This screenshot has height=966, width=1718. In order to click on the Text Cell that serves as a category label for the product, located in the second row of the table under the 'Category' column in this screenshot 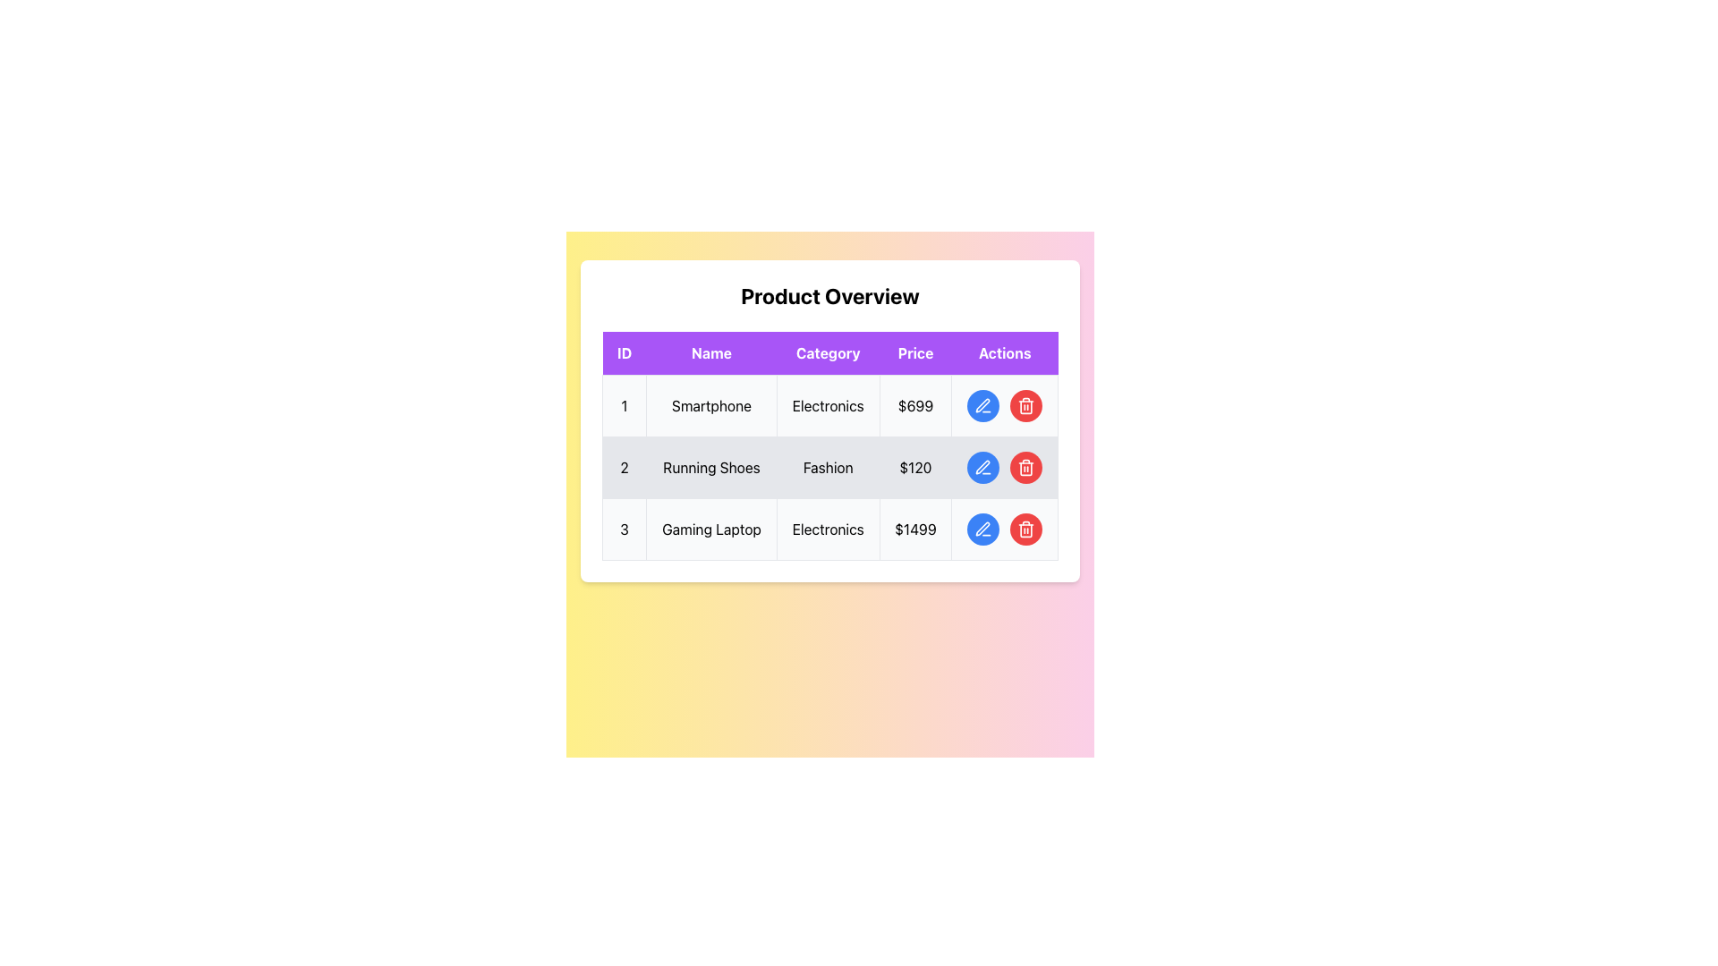, I will do `click(827, 467)`.